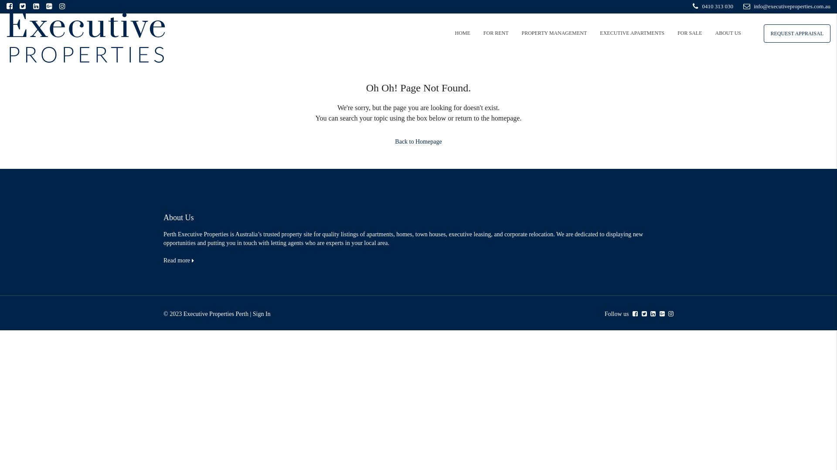 Image resolution: width=837 pixels, height=470 pixels. I want to click on 'EXECUTIVE APARTMENTS', so click(593, 33).